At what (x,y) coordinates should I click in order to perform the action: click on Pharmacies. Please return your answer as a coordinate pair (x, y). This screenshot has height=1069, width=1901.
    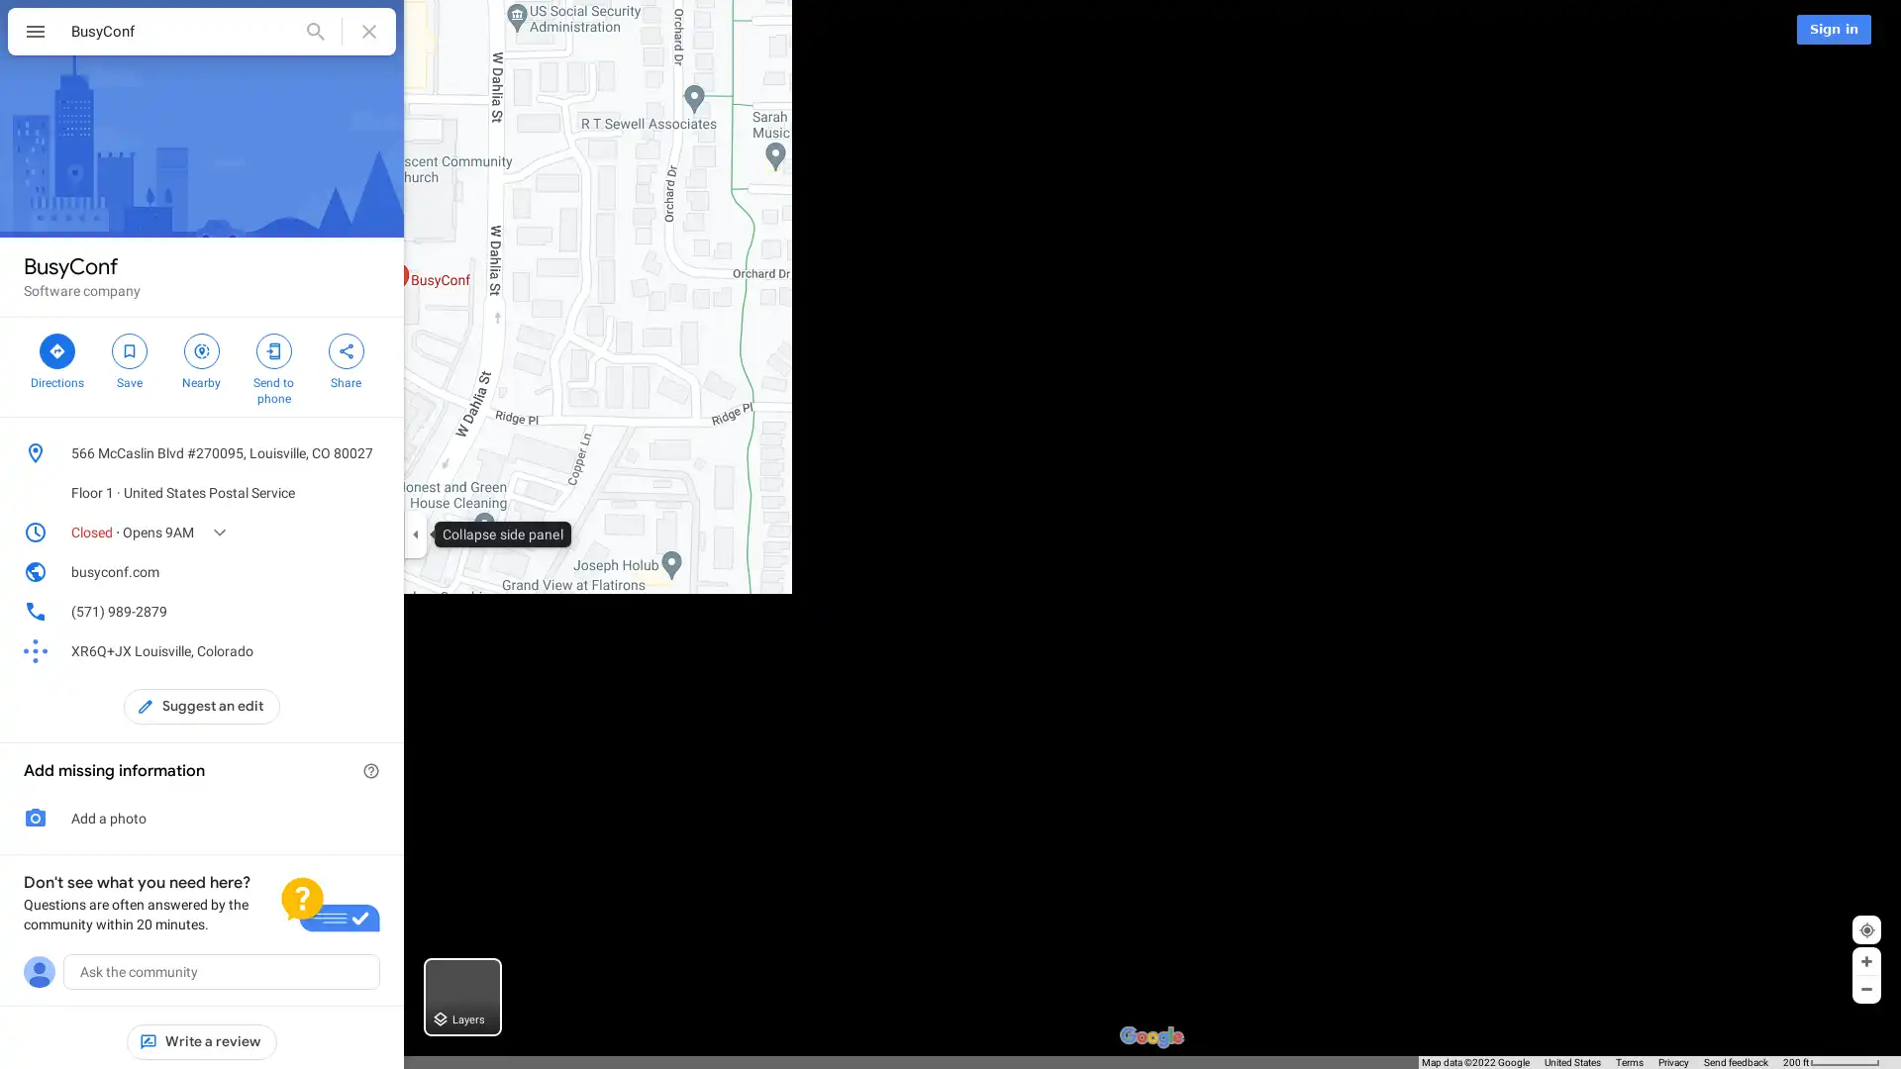
    Looking at the image, I should click on (1015, 31).